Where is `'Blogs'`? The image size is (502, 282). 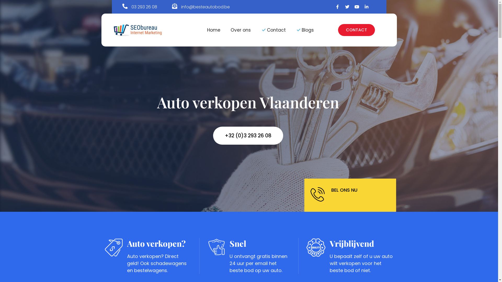
'Blogs' is located at coordinates (305, 30).